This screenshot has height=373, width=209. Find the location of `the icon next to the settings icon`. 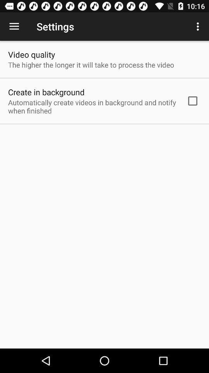

the icon next to the settings icon is located at coordinates (14, 26).